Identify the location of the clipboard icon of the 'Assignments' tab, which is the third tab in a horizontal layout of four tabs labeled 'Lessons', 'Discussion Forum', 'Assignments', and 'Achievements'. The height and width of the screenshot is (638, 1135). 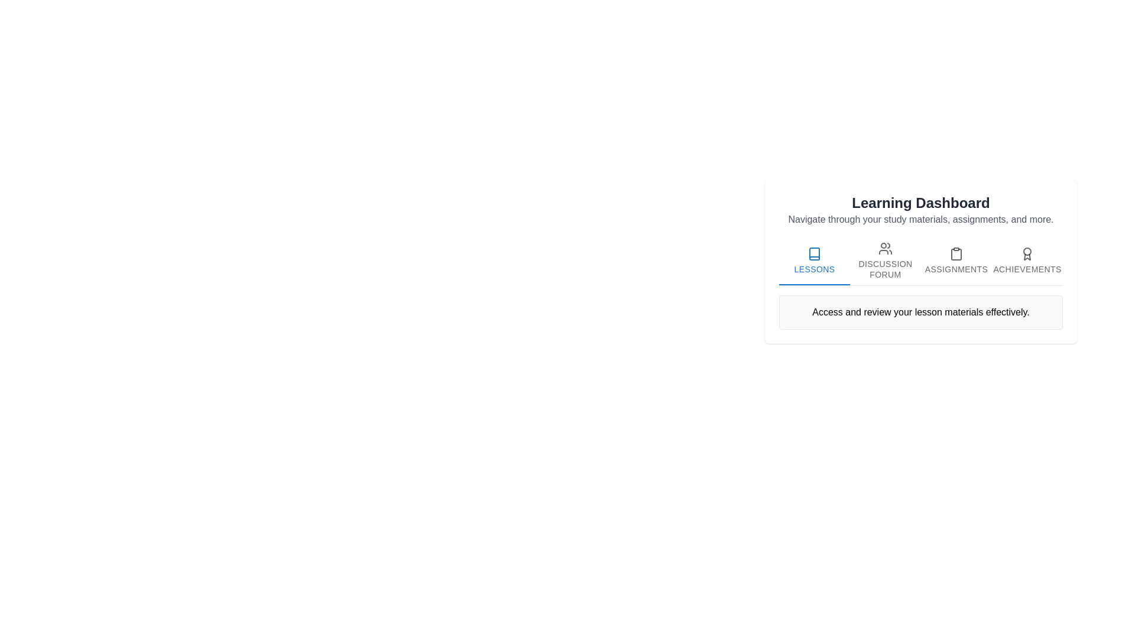
(956, 252).